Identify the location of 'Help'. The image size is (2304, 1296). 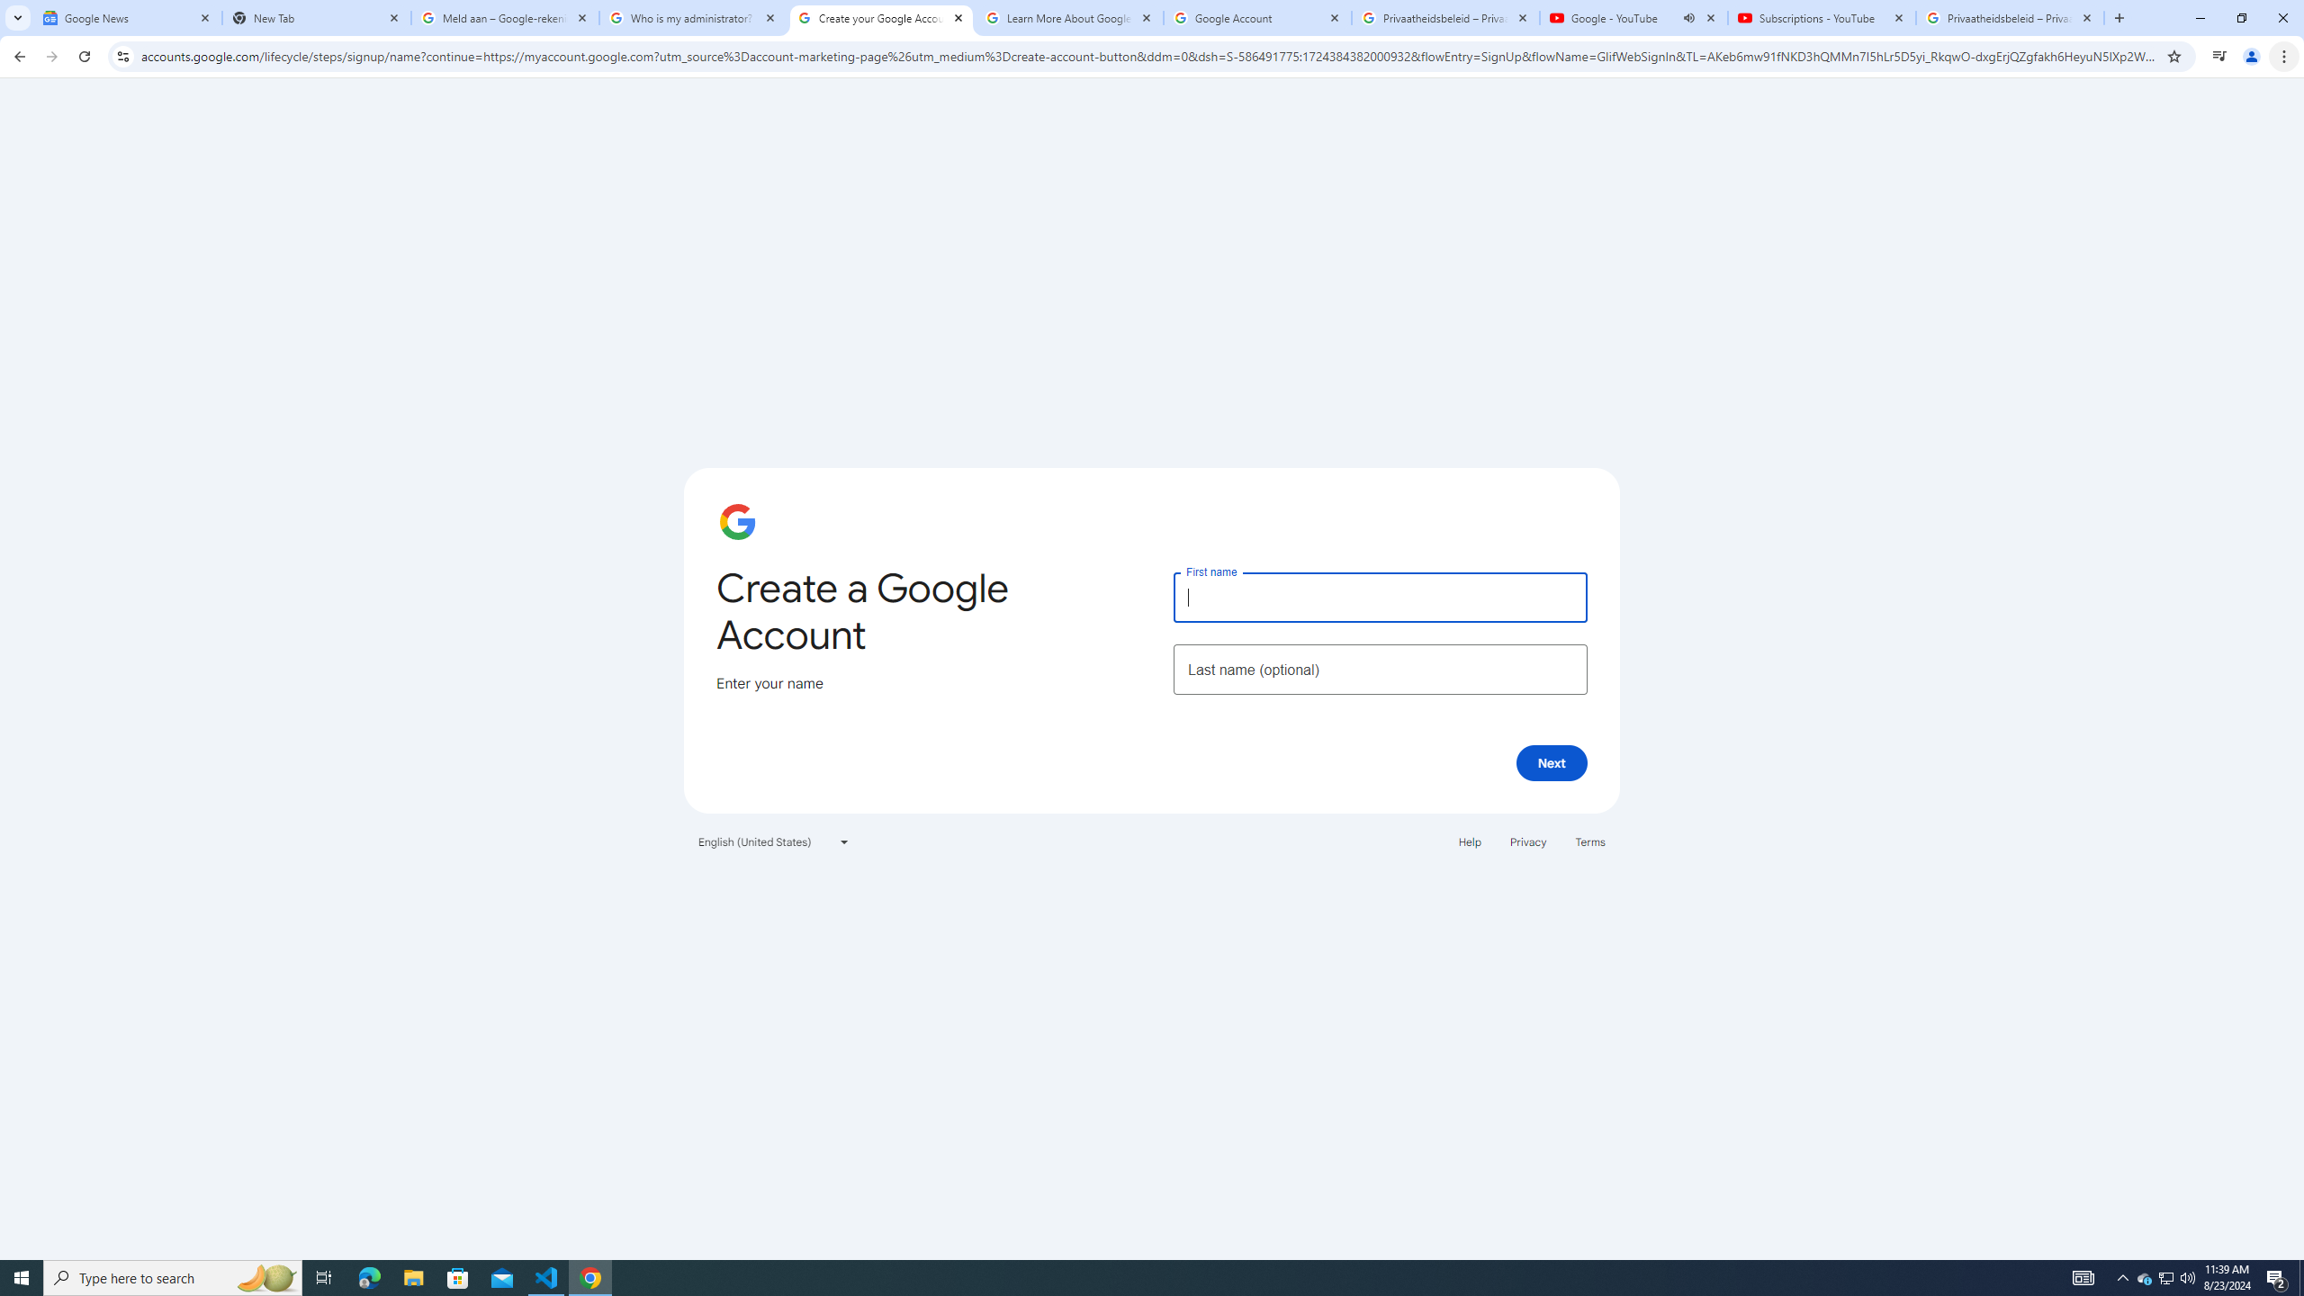
(1469, 841).